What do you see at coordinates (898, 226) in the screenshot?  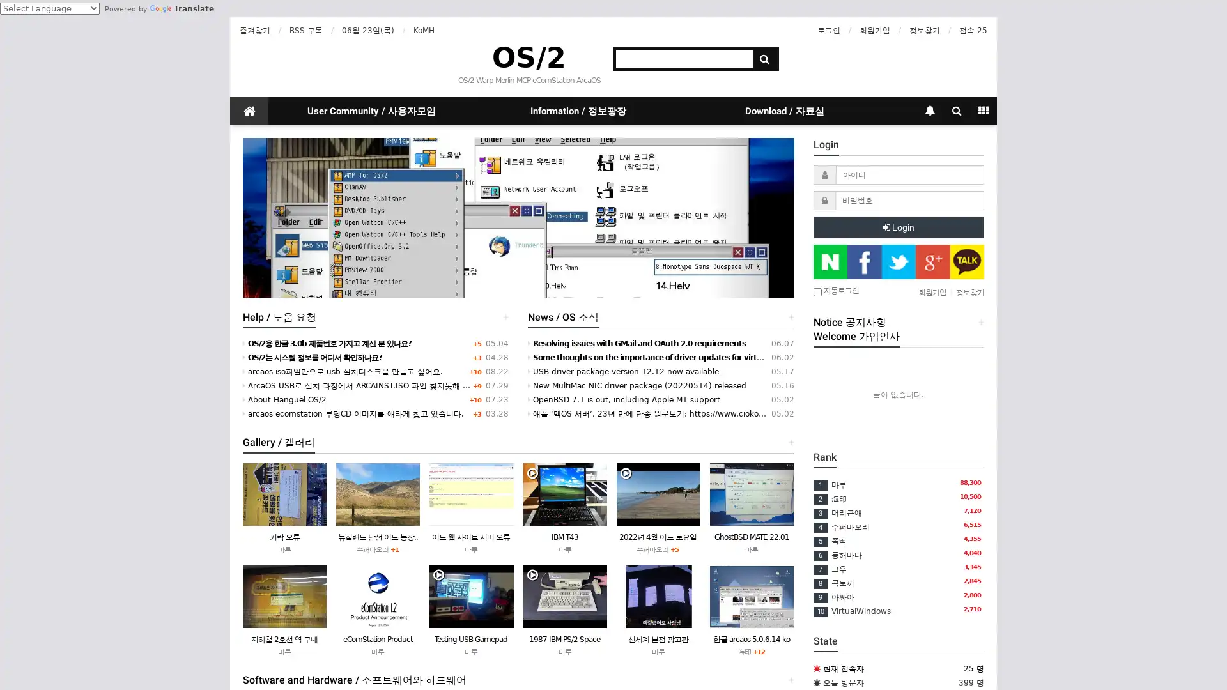 I see `Login` at bounding box center [898, 226].